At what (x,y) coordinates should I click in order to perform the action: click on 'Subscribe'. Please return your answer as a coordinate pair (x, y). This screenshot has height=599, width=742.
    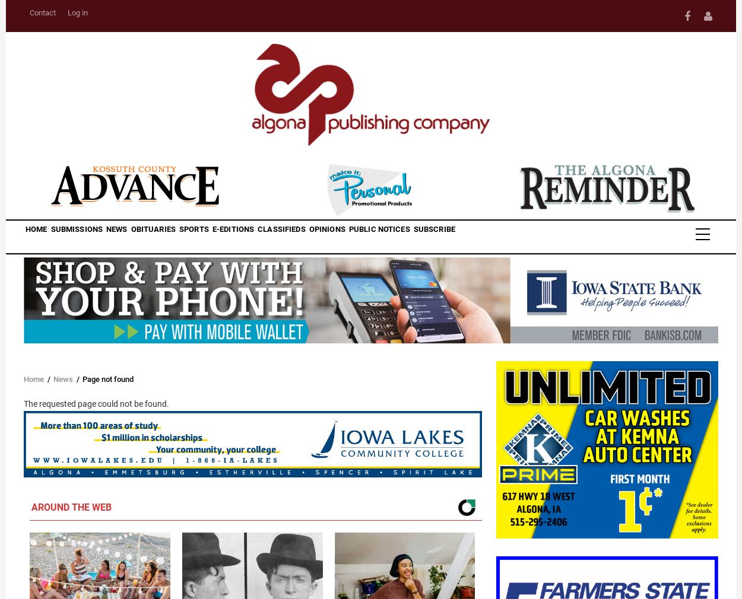
    Looking at the image, I should click on (542, 235).